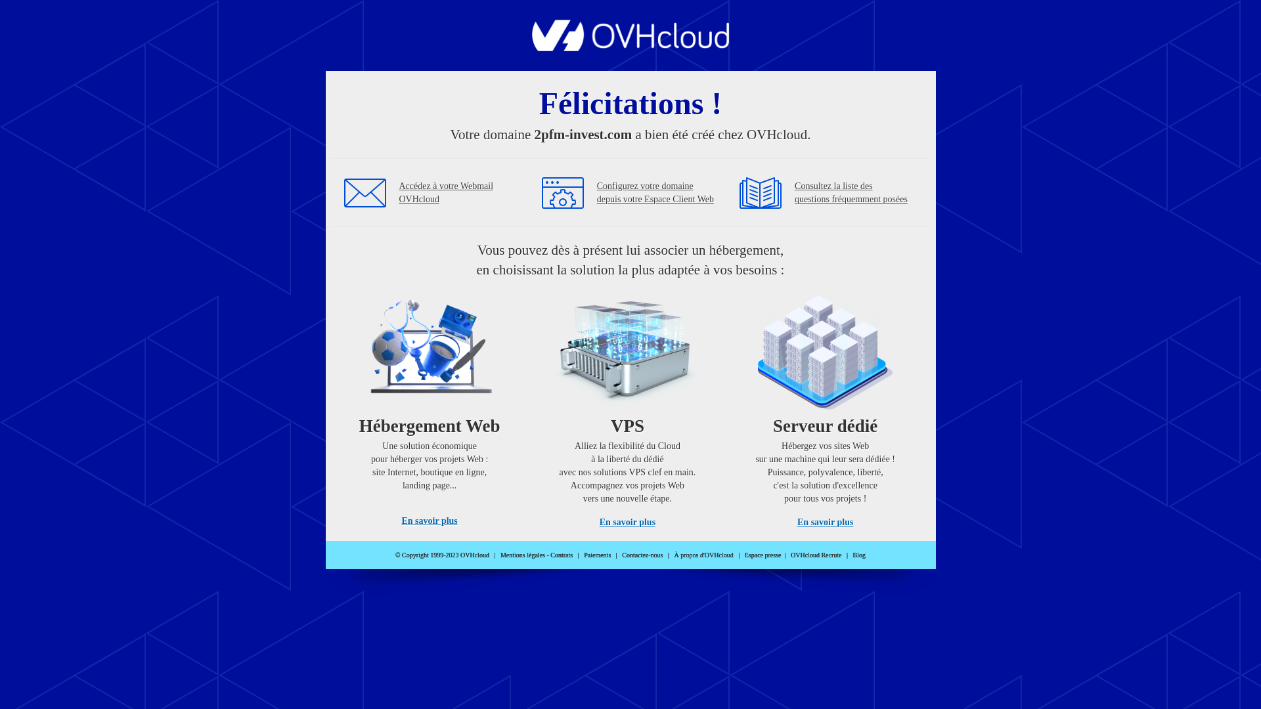 The image size is (1261, 709). Describe the element at coordinates (429, 520) in the screenshot. I see `'En savoir plus'` at that location.